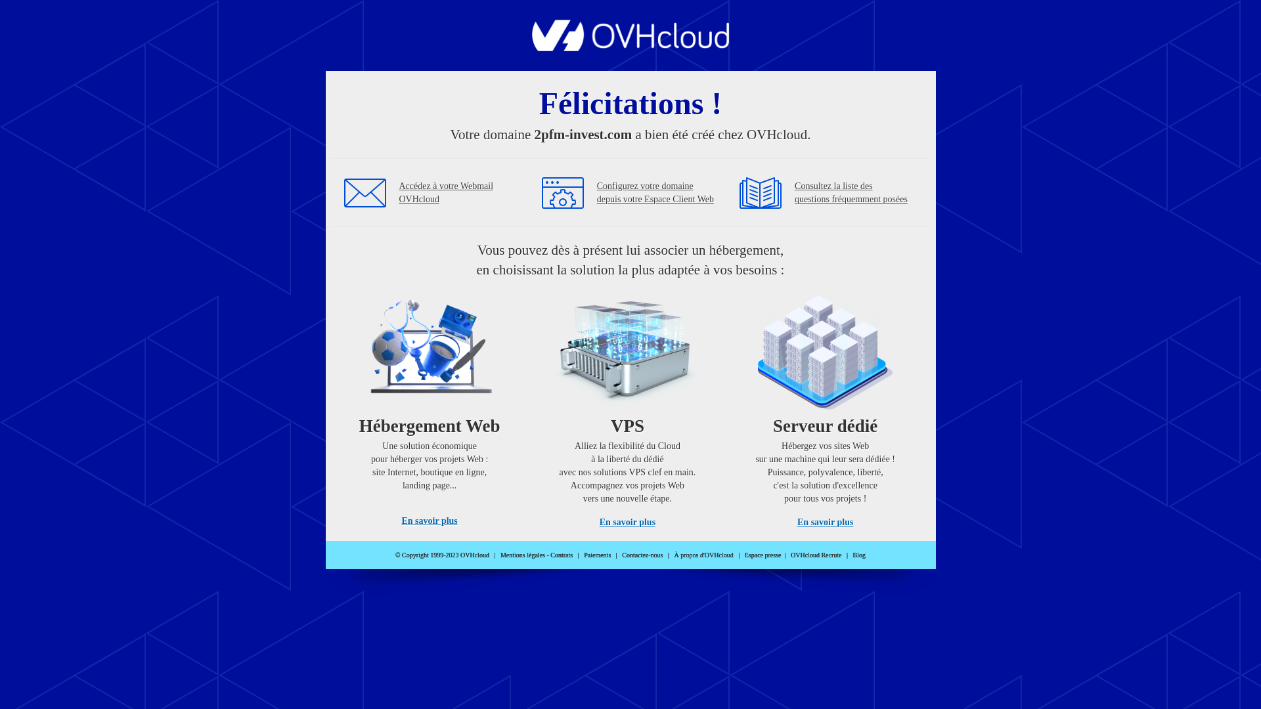 The image size is (1261, 709). Describe the element at coordinates (429, 520) in the screenshot. I see `'En savoir plus'` at that location.